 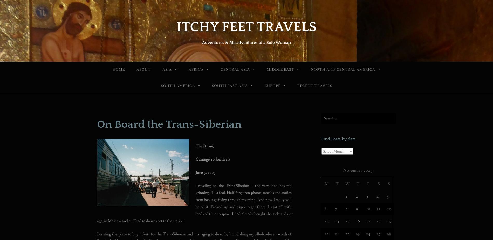 I want to click on '25', so click(x=376, y=233).